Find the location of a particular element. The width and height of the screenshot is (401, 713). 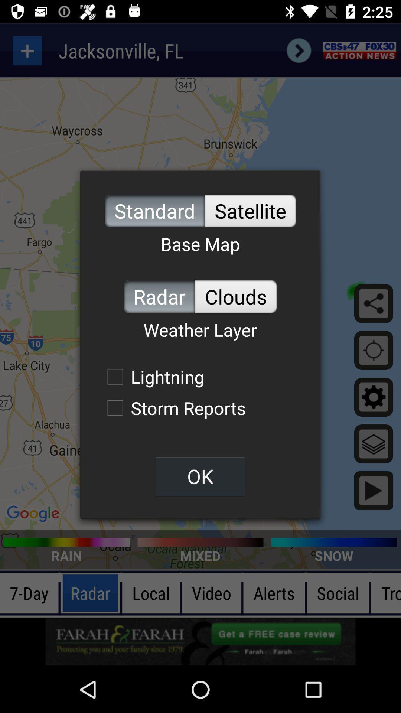

the standard item is located at coordinates (154, 210).